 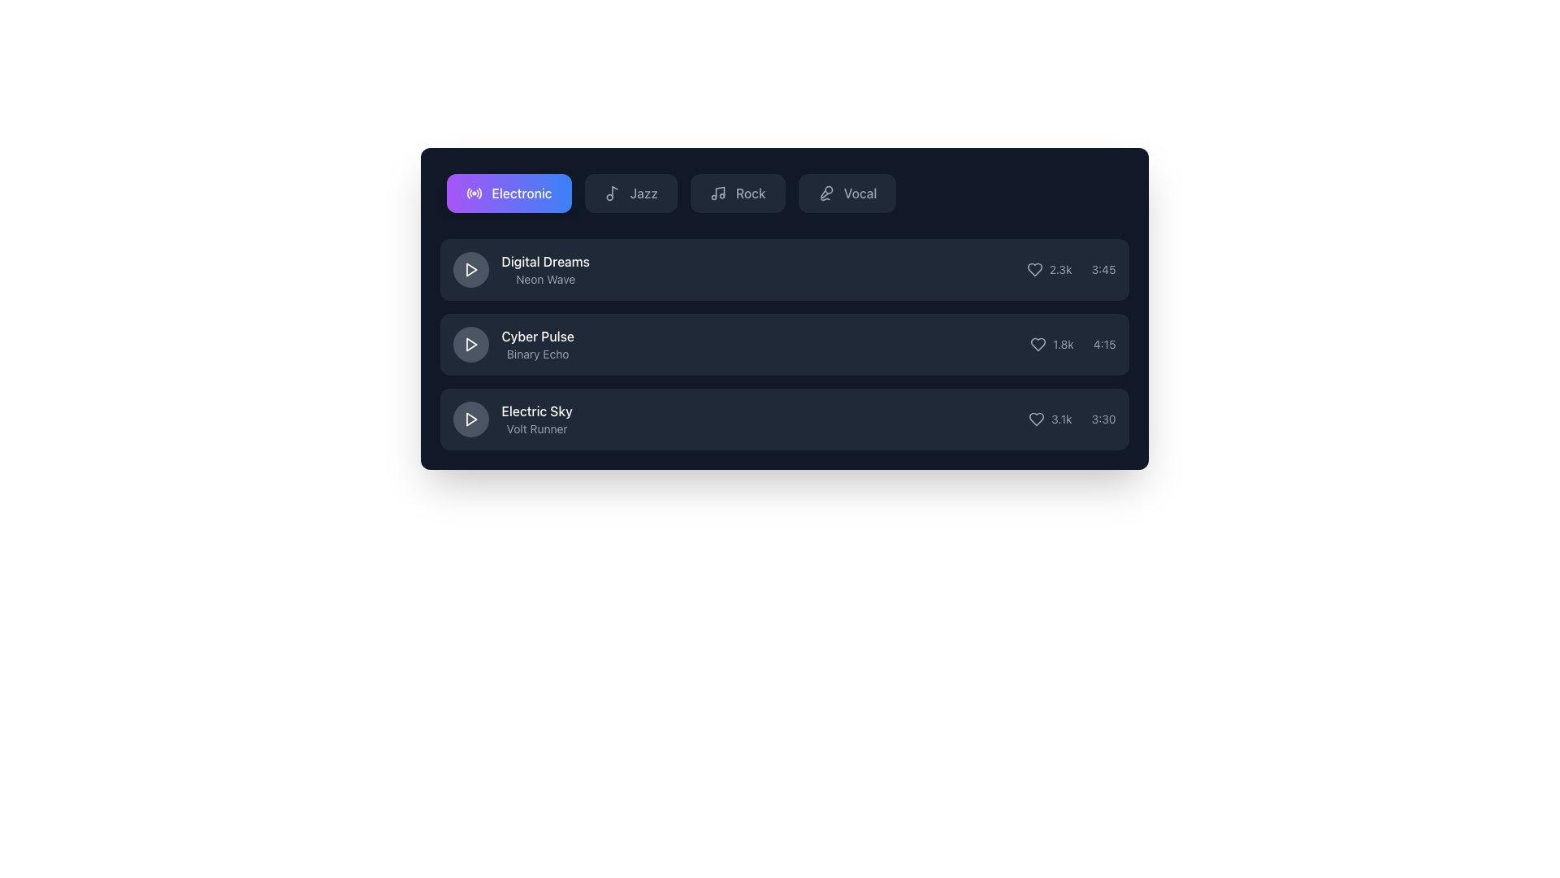 I want to click on the triangular 'Play' button icon styled in white, located inside the 'Digital Dreams' item under the 'Electronic' category, so click(x=470, y=268).